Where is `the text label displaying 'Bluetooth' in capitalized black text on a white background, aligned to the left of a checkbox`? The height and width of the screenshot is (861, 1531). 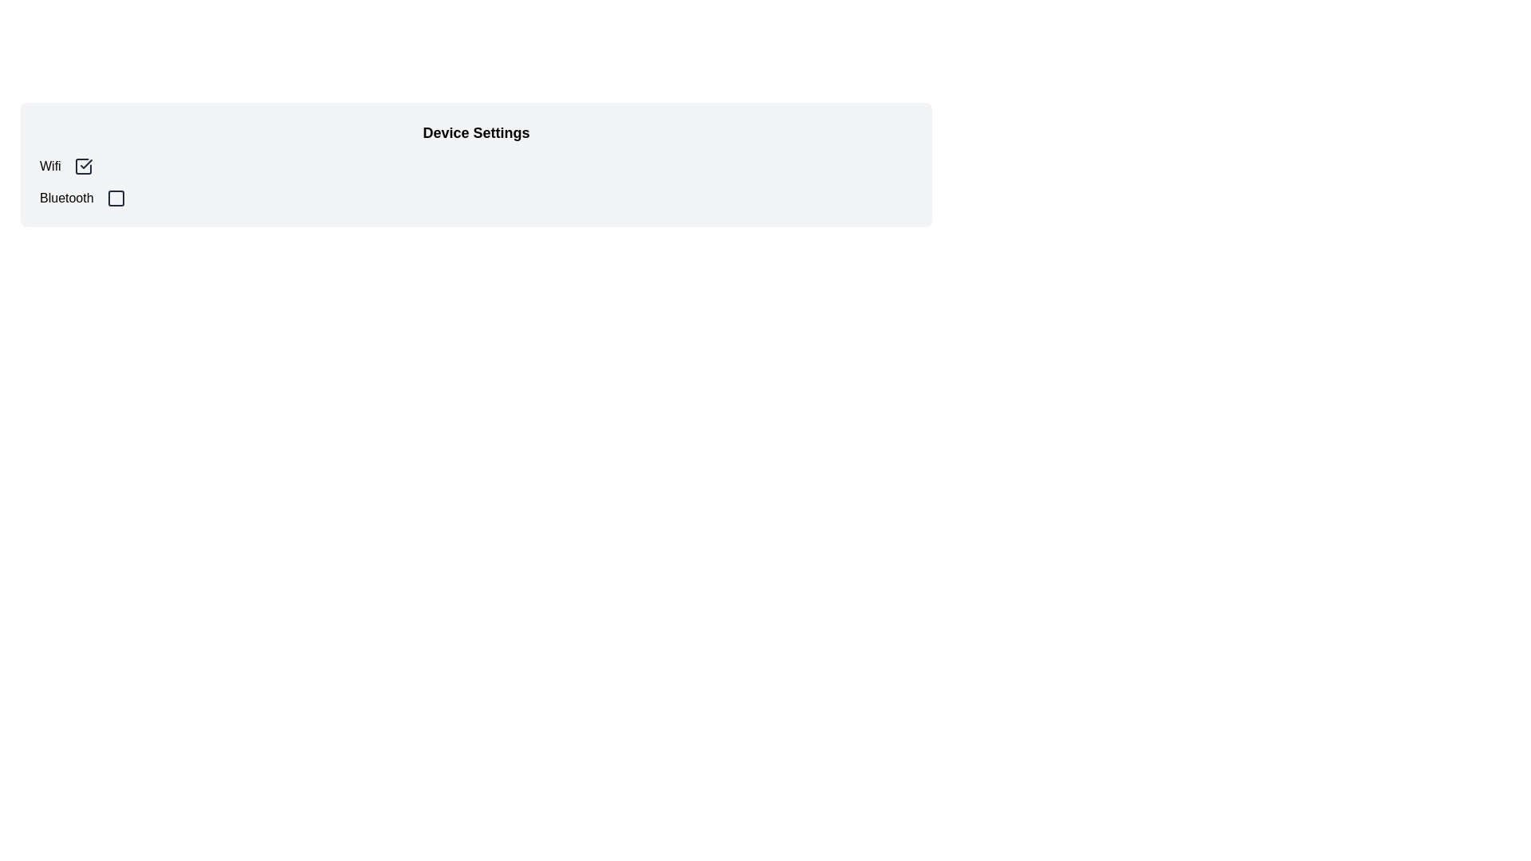
the text label displaying 'Bluetooth' in capitalized black text on a white background, aligned to the left of a checkbox is located at coordinates (65, 198).